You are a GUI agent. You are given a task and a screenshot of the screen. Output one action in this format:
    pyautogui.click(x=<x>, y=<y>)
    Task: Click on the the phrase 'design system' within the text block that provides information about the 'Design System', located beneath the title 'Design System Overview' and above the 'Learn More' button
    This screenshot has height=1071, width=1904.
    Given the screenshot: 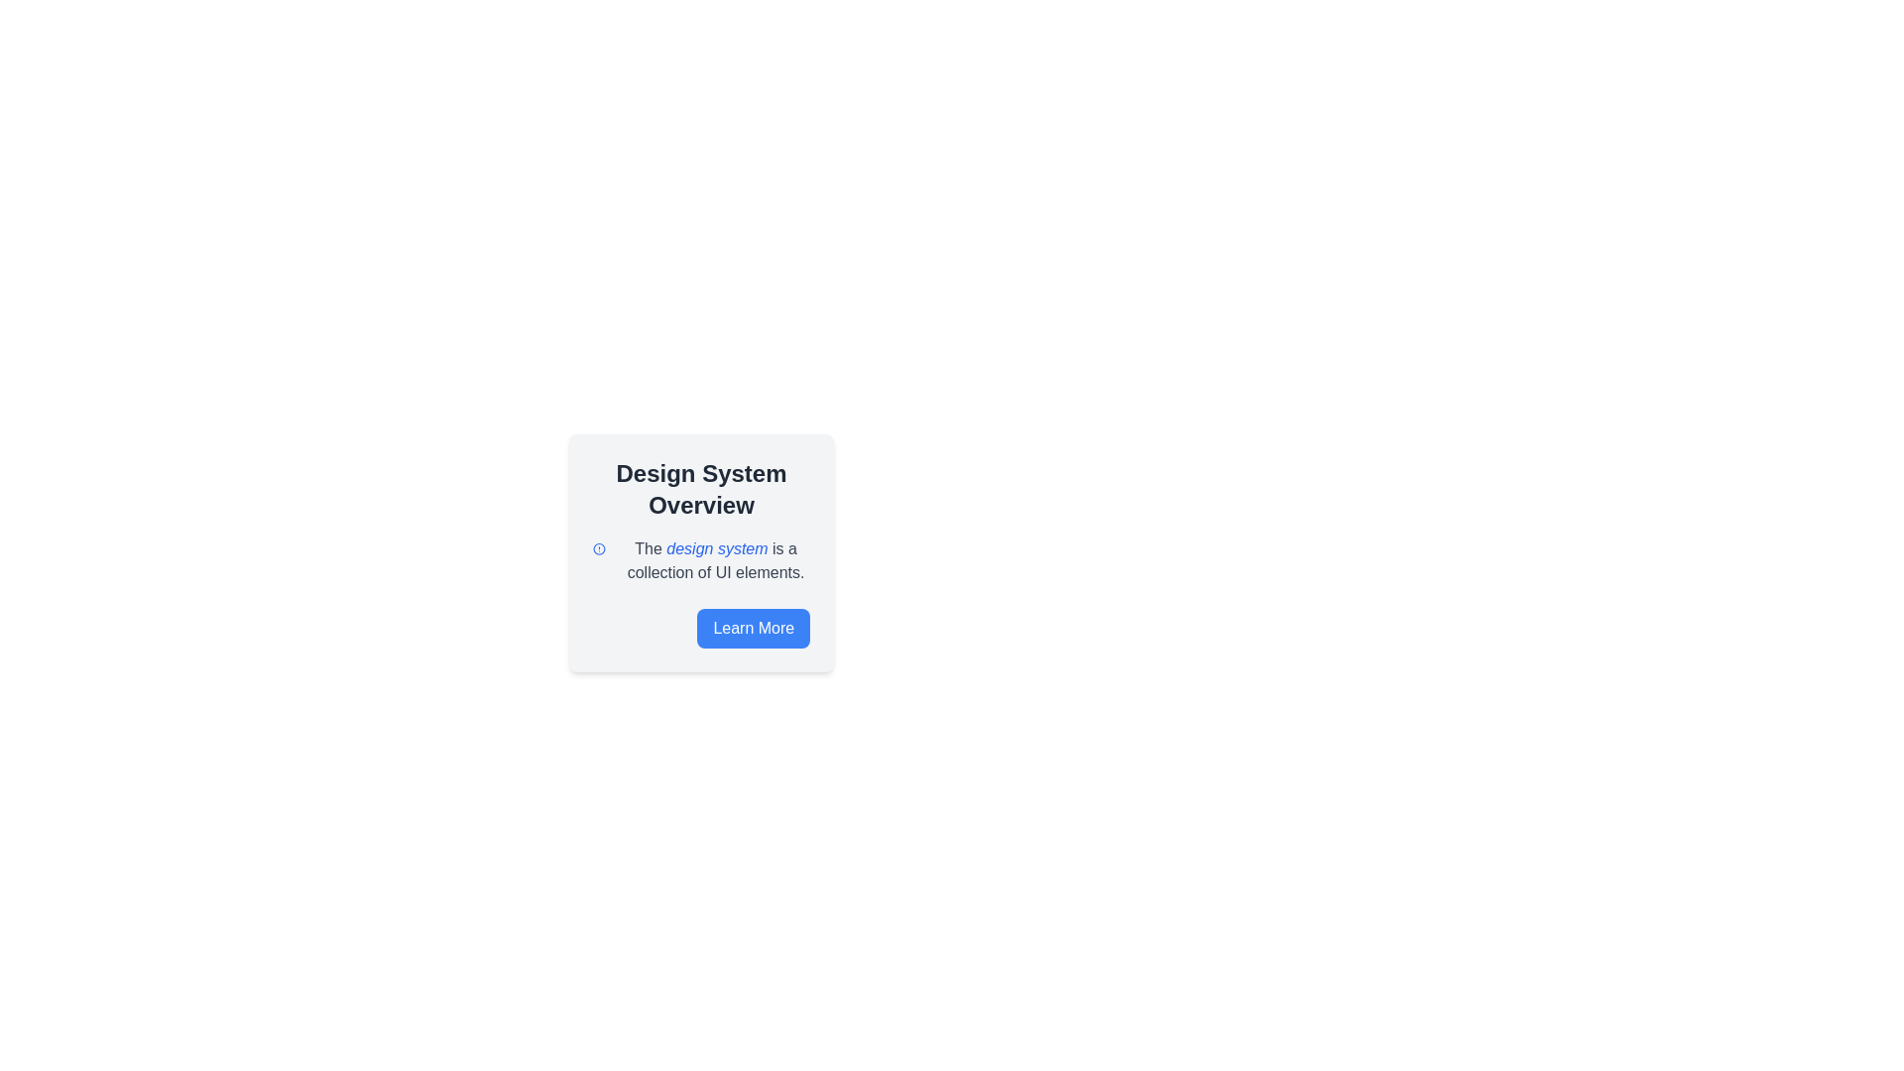 What is the action you would take?
    pyautogui.click(x=714, y=561)
    